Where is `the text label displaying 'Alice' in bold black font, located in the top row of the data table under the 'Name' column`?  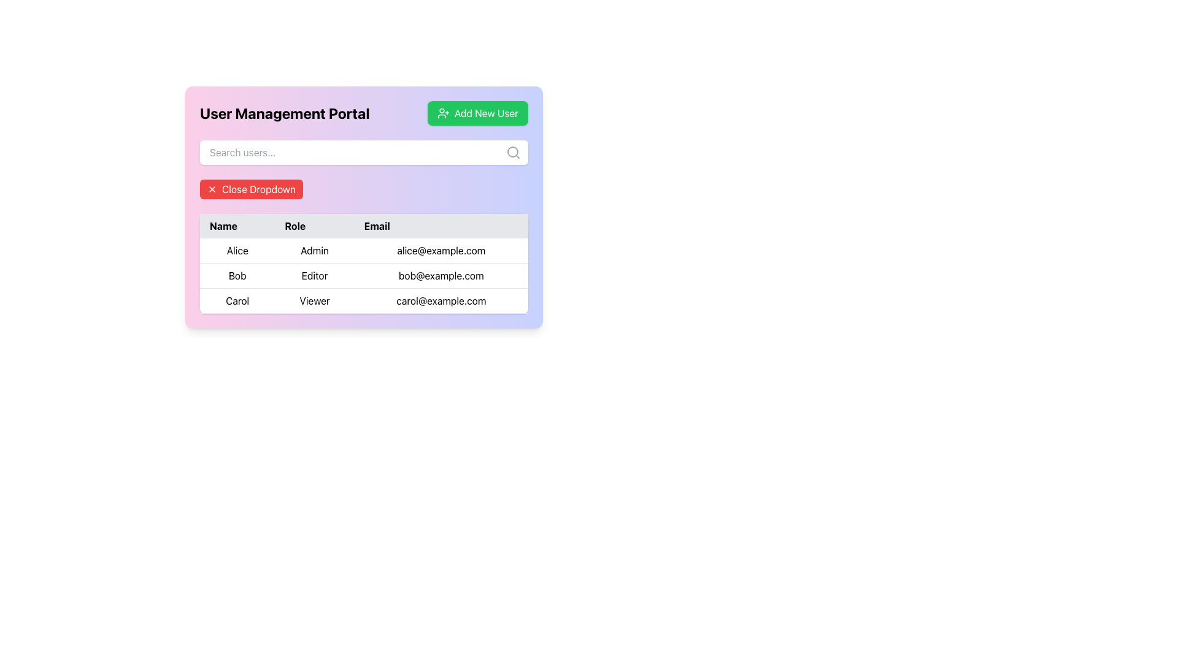
the text label displaying 'Alice' in bold black font, located in the top row of the data table under the 'Name' column is located at coordinates (237, 250).